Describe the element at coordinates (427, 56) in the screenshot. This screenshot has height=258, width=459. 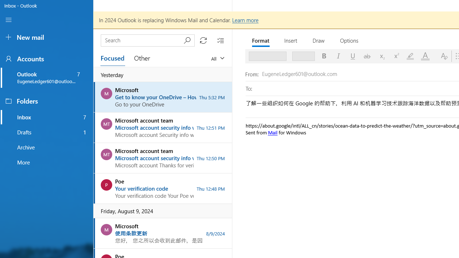
I see `'Font Color'` at that location.